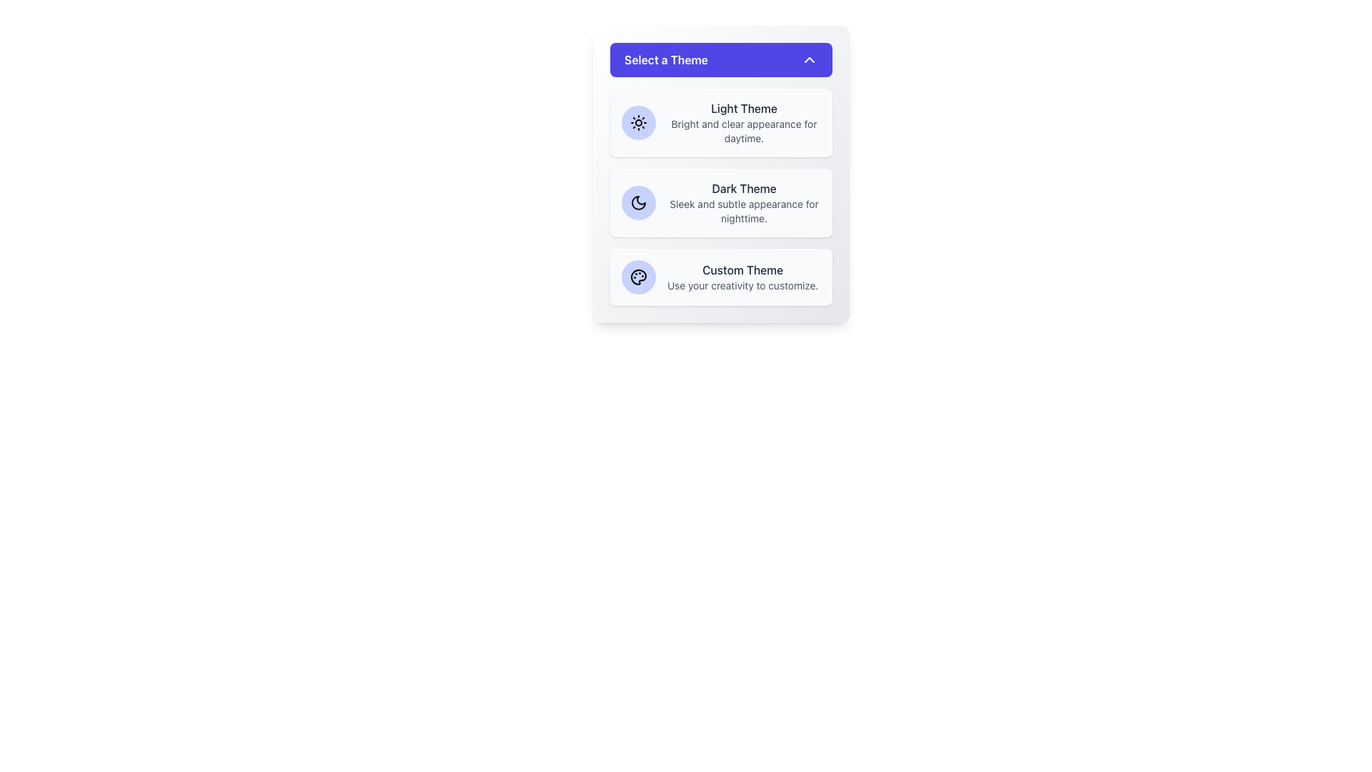 The image size is (1372, 772). I want to click on the decorative icon representing the 'Custom Theme' option, so click(637, 277).